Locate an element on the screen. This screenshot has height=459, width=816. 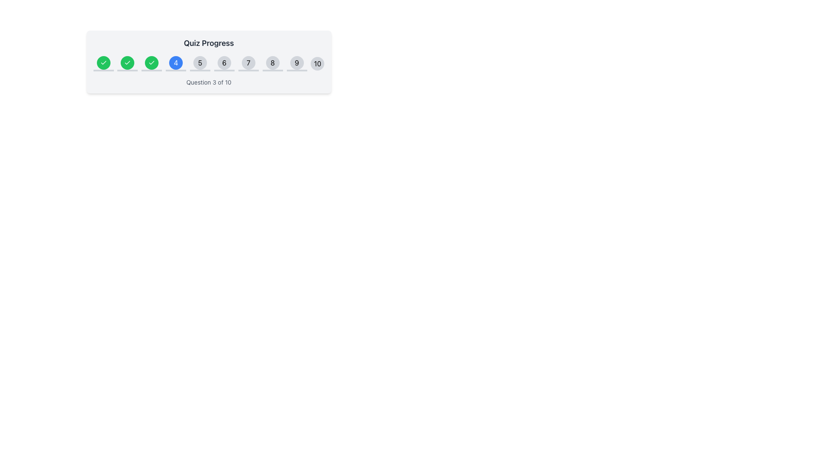
the Status Indicator, which is a circular element with a green background and a white checkmark icon, indicating a completed status is located at coordinates (152, 62).